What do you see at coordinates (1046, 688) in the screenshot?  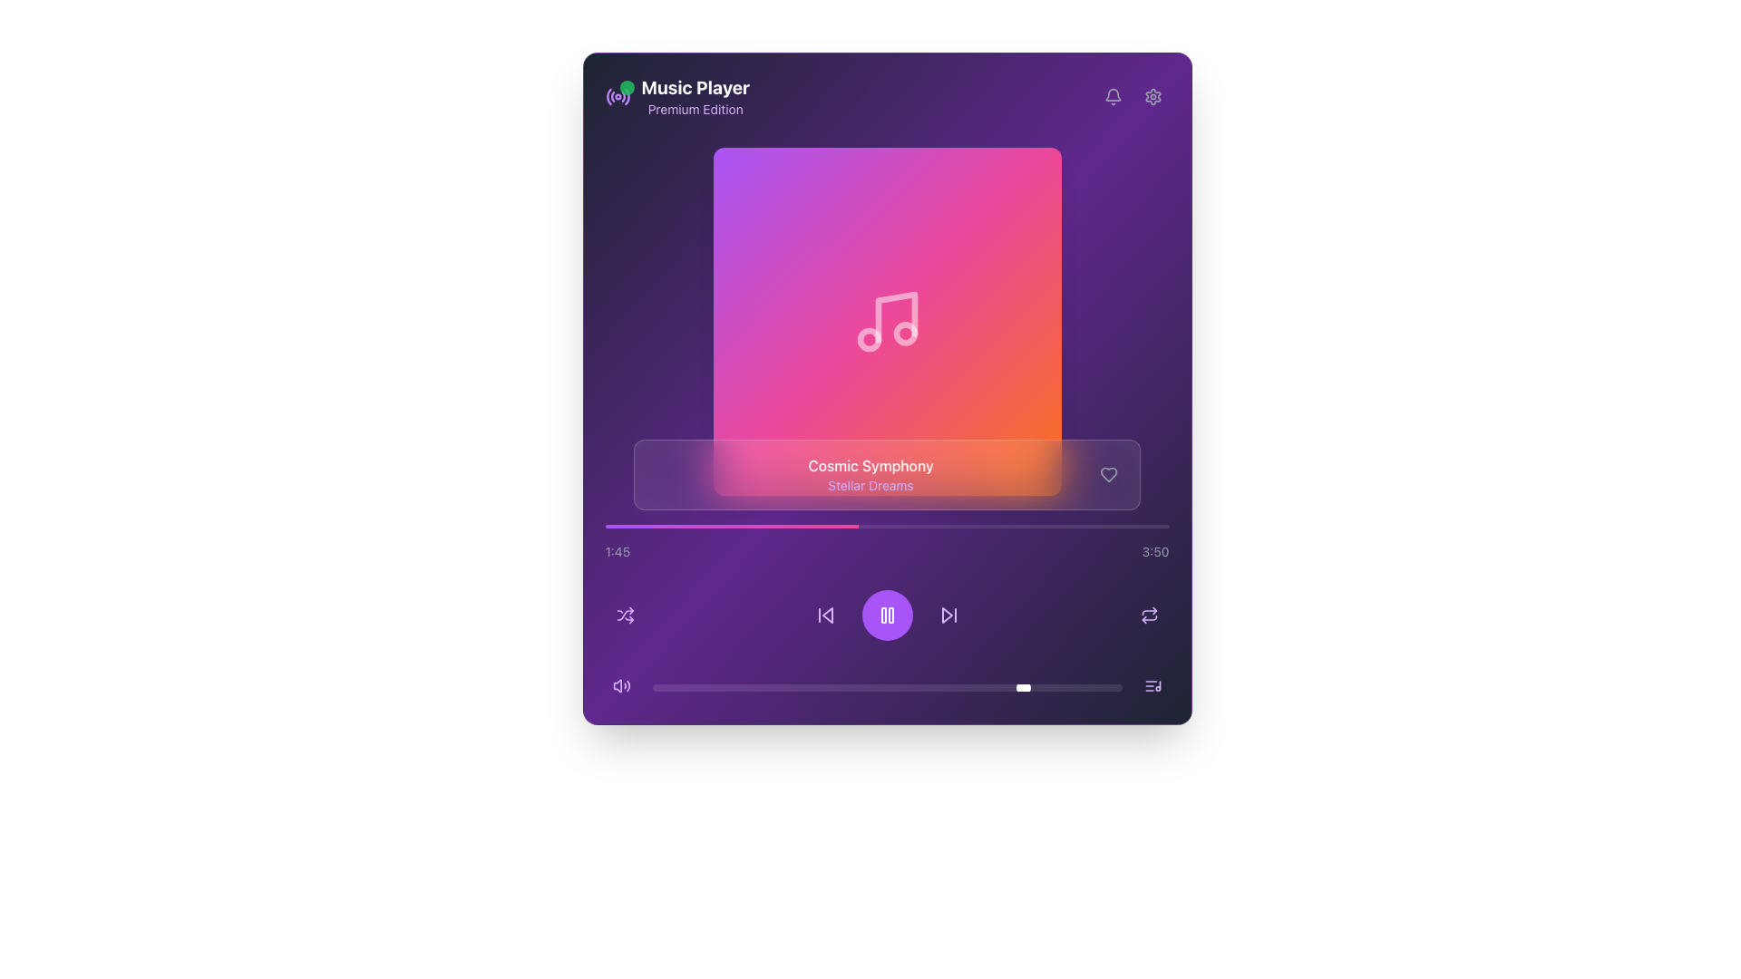 I see `the slider value` at bounding box center [1046, 688].